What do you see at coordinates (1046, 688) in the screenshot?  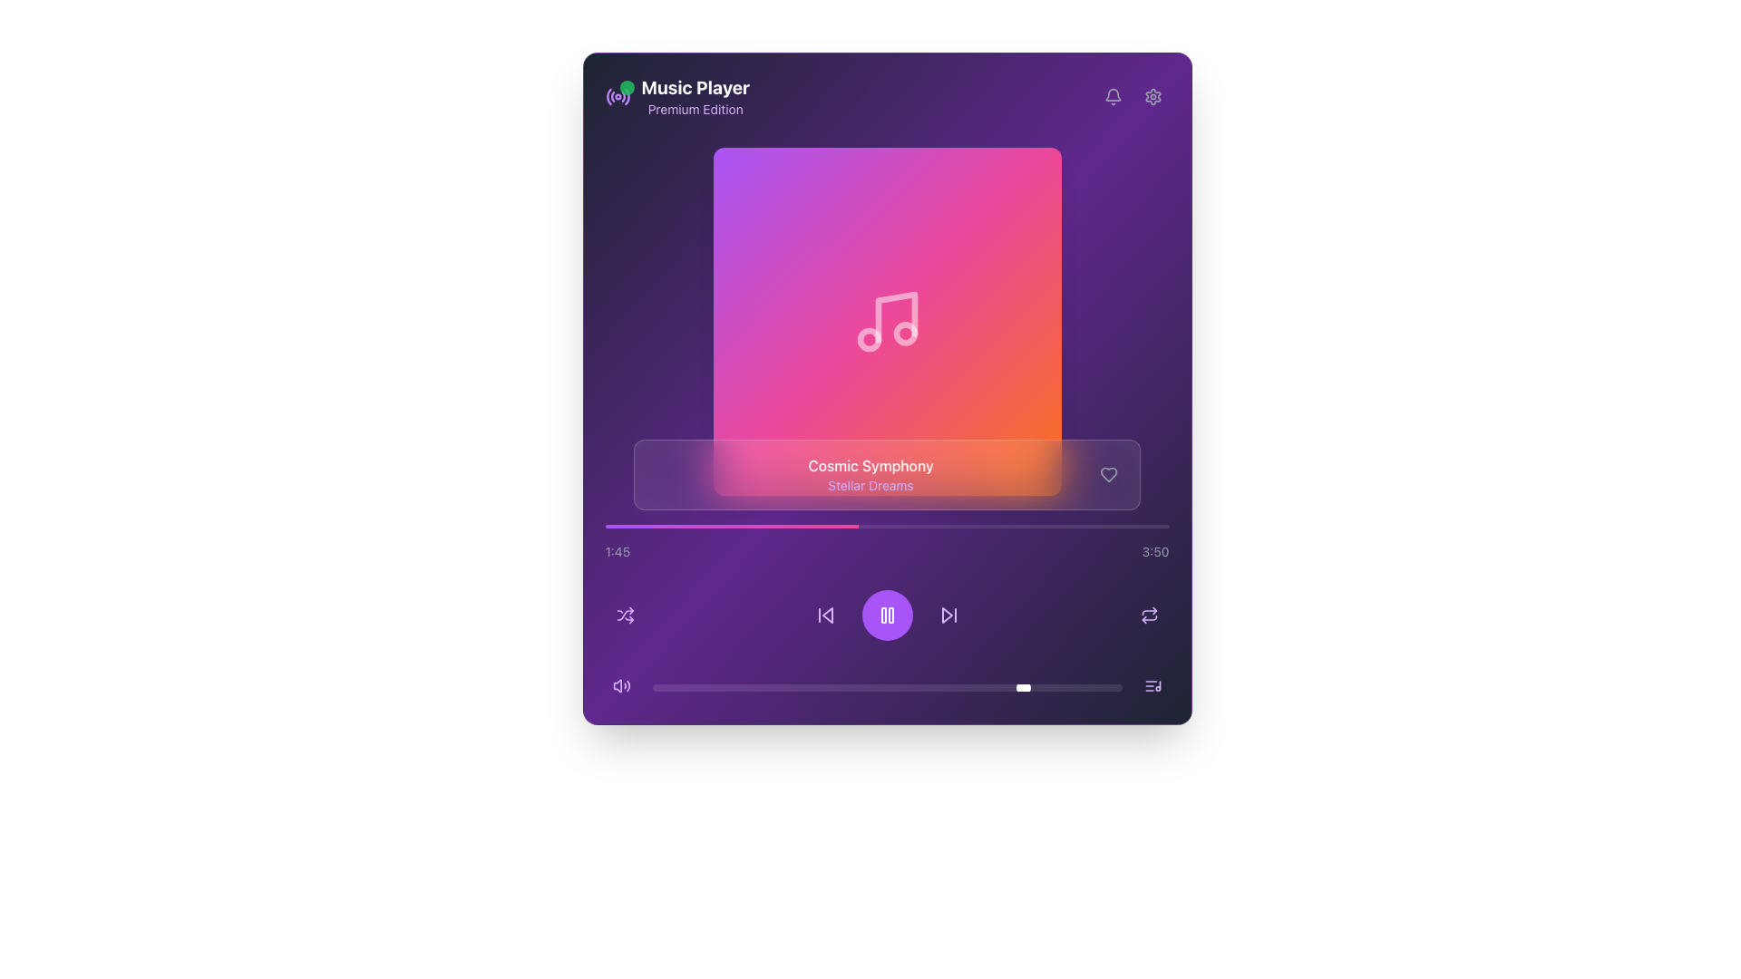 I see `the slider value` at bounding box center [1046, 688].